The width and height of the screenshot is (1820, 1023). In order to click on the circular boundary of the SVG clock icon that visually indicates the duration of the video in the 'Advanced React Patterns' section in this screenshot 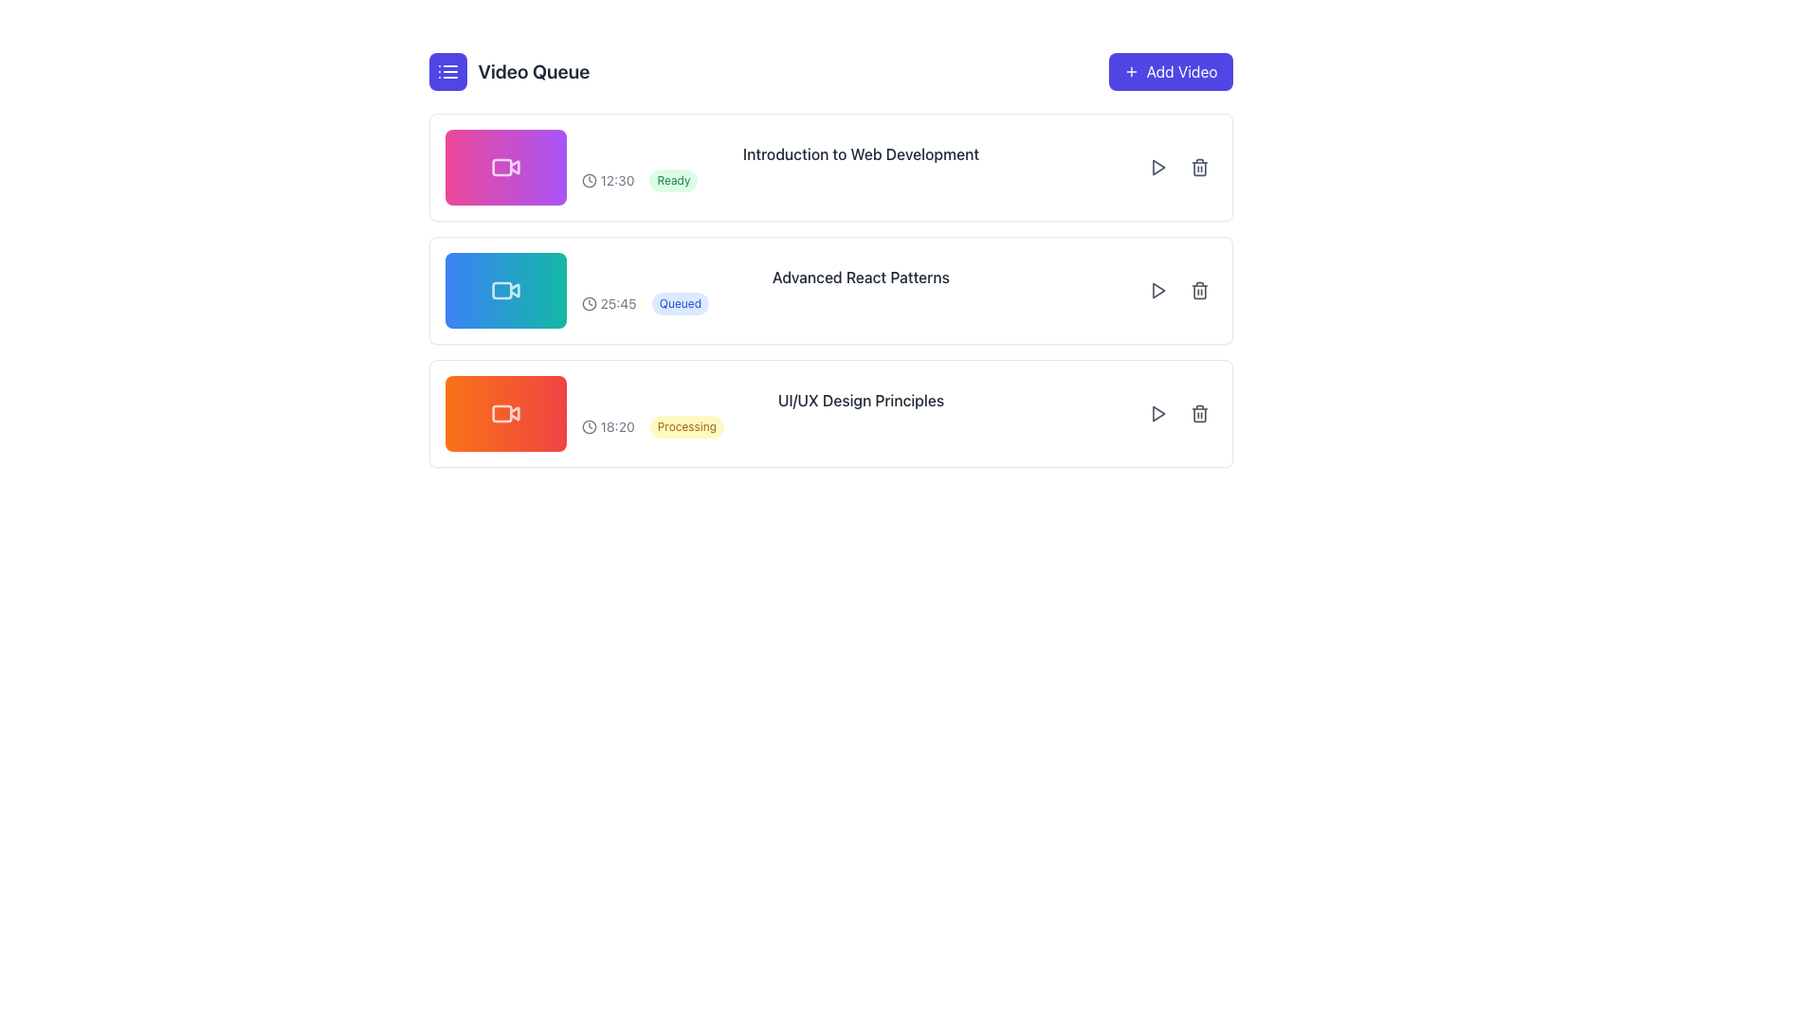, I will do `click(588, 302)`.